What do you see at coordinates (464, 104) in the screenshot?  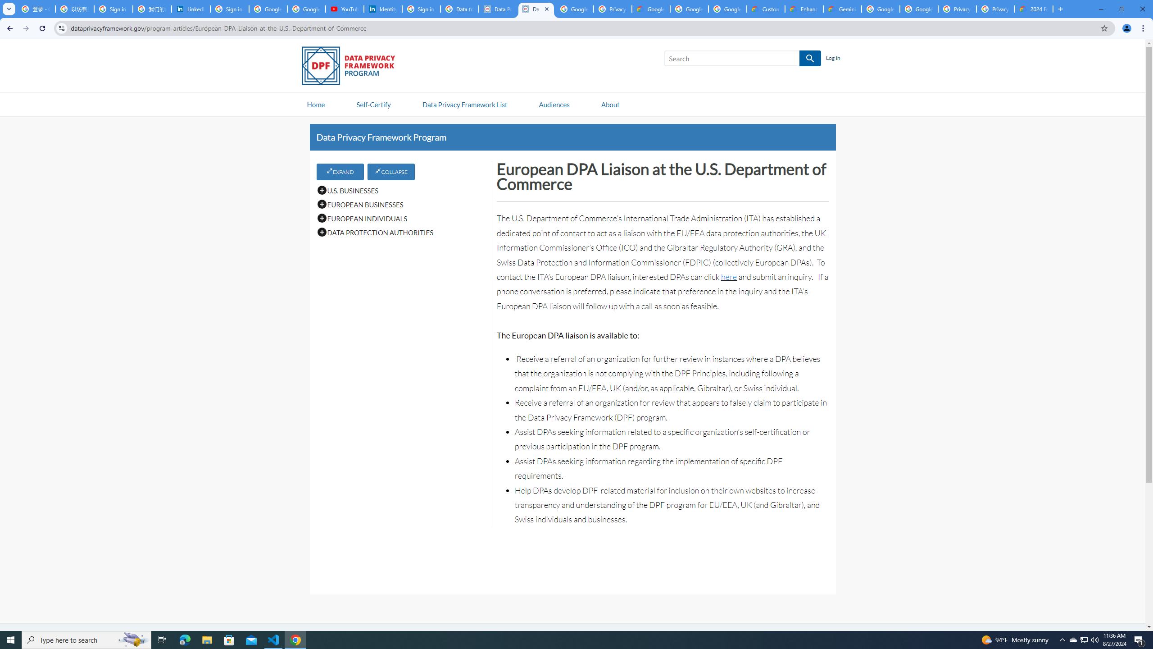 I see `'Data Privacy Framework List'` at bounding box center [464, 104].